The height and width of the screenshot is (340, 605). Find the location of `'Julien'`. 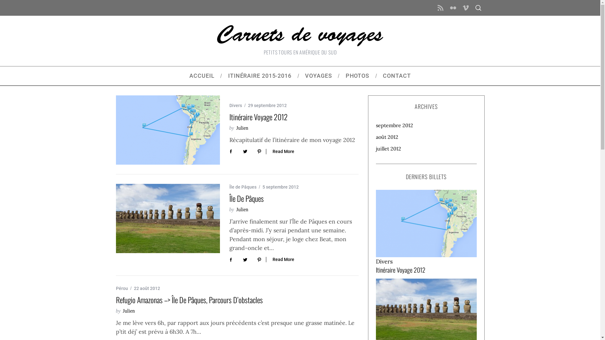

'Julien' is located at coordinates (242, 127).